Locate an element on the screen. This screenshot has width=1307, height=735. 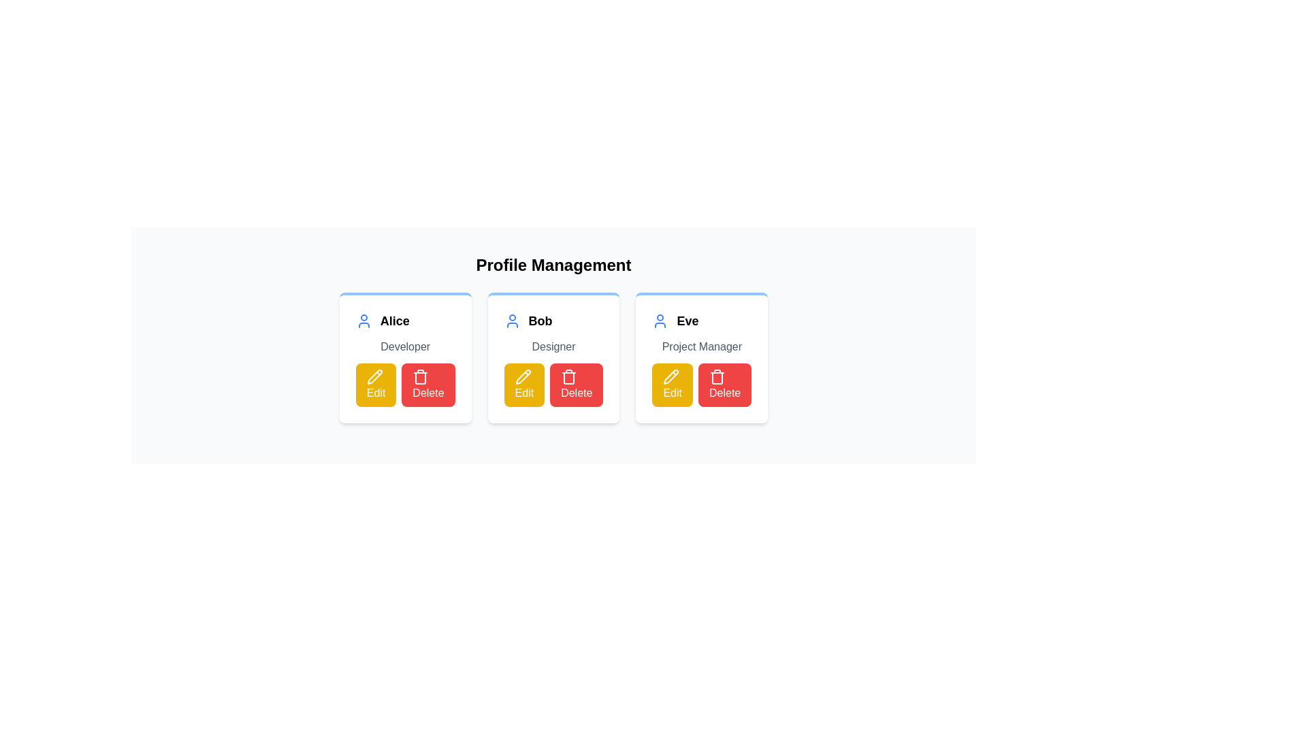
the pencil icon for editing associated profile details in the 'Profile Management' section under the user profile card labeled 'Bob' is located at coordinates (522, 377).